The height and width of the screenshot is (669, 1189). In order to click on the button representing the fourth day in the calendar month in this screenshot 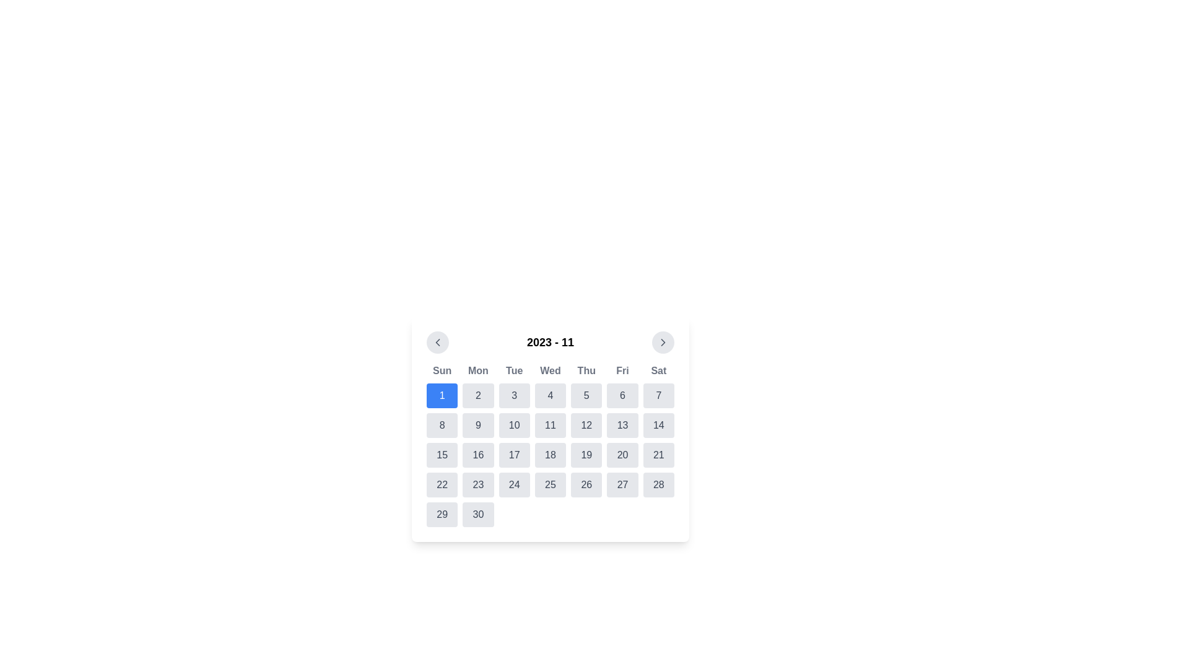, I will do `click(549, 396)`.